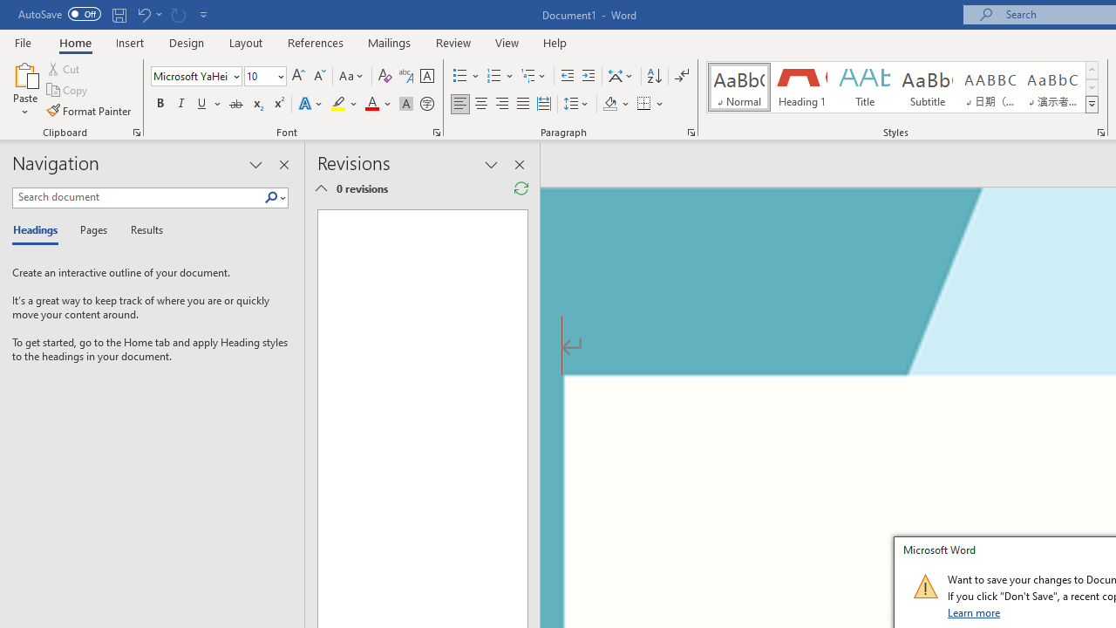 This screenshot has width=1116, height=628. Describe the element at coordinates (91, 230) in the screenshot. I see `'Pages'` at that location.